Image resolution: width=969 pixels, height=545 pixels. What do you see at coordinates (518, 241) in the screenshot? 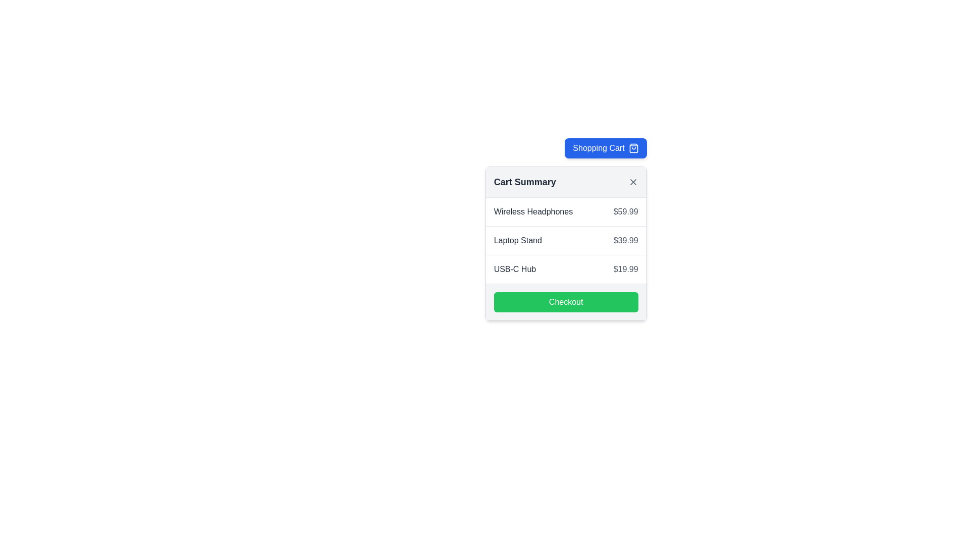
I see `the text label indicating the name of the product 'Laptop Stand' in the shopping cart` at bounding box center [518, 241].